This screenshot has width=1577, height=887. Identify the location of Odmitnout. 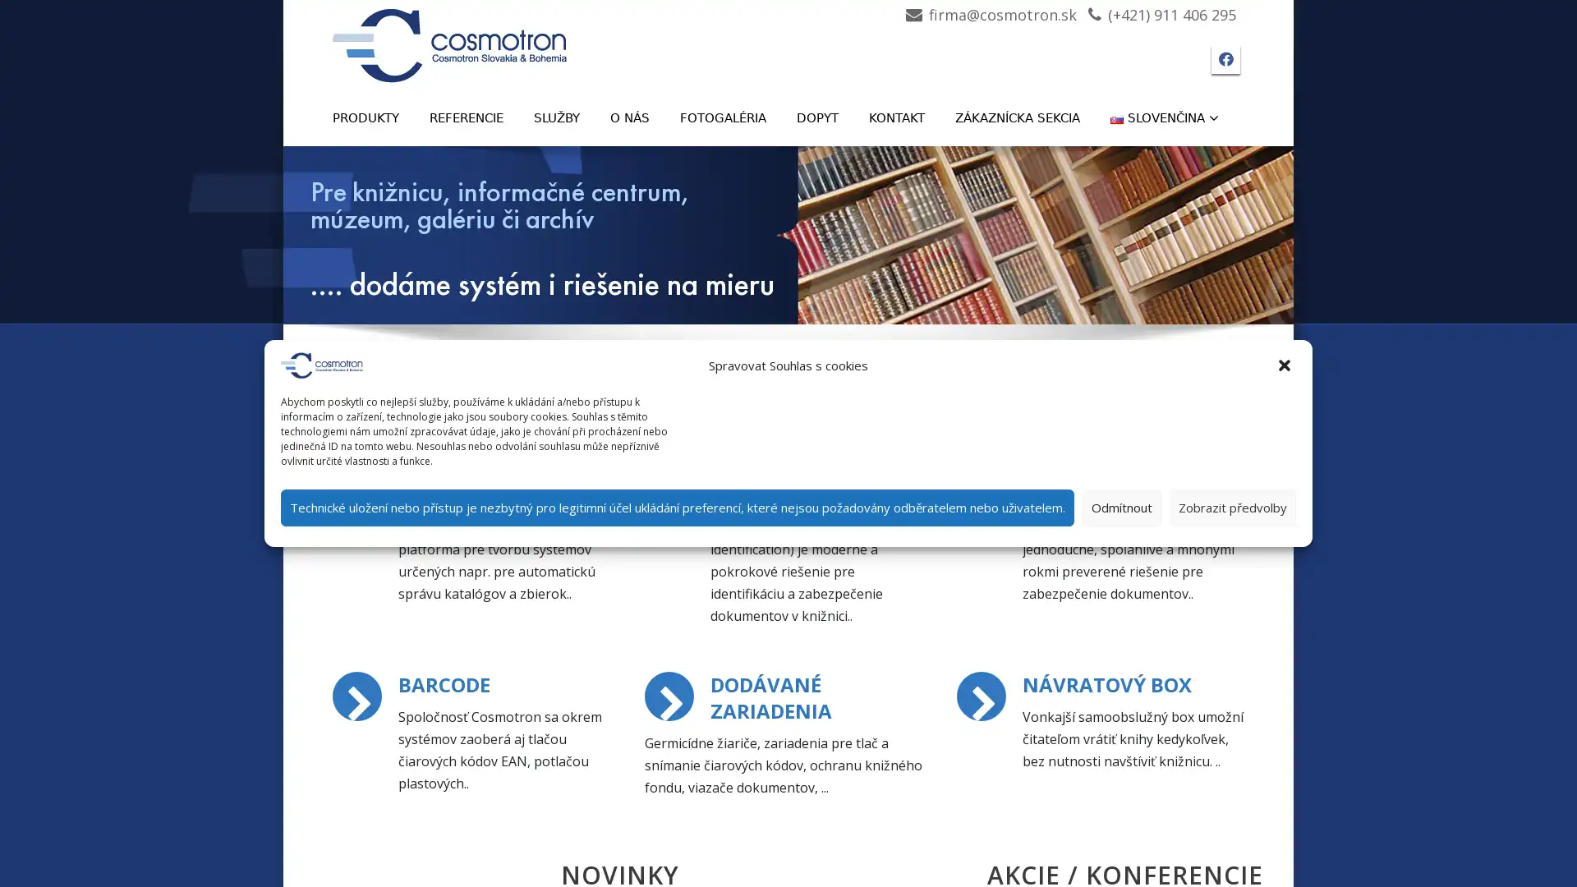
(1121, 506).